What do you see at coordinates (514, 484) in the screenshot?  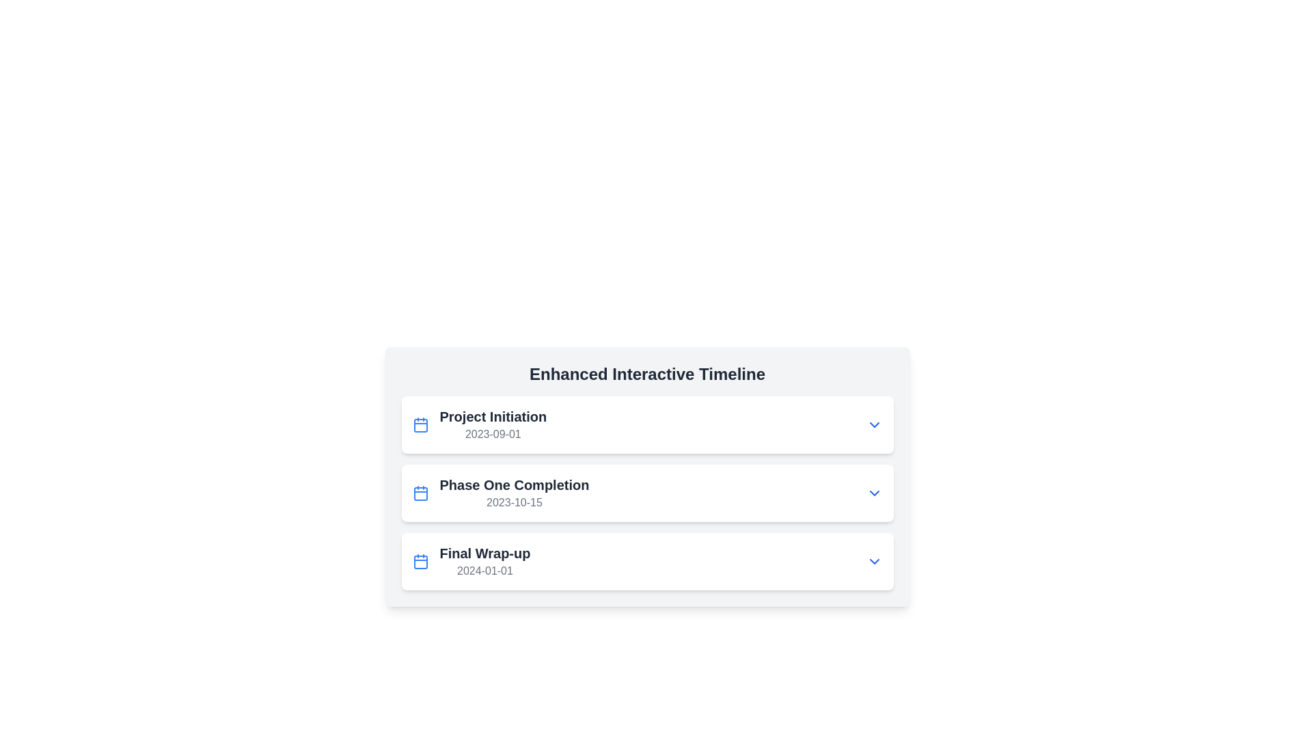 I see `the text label indicating the phase of completion in the Enhanced Interactive Timeline, which is located between 'Project Initiation' and the date label '2023-10-15'` at bounding box center [514, 484].